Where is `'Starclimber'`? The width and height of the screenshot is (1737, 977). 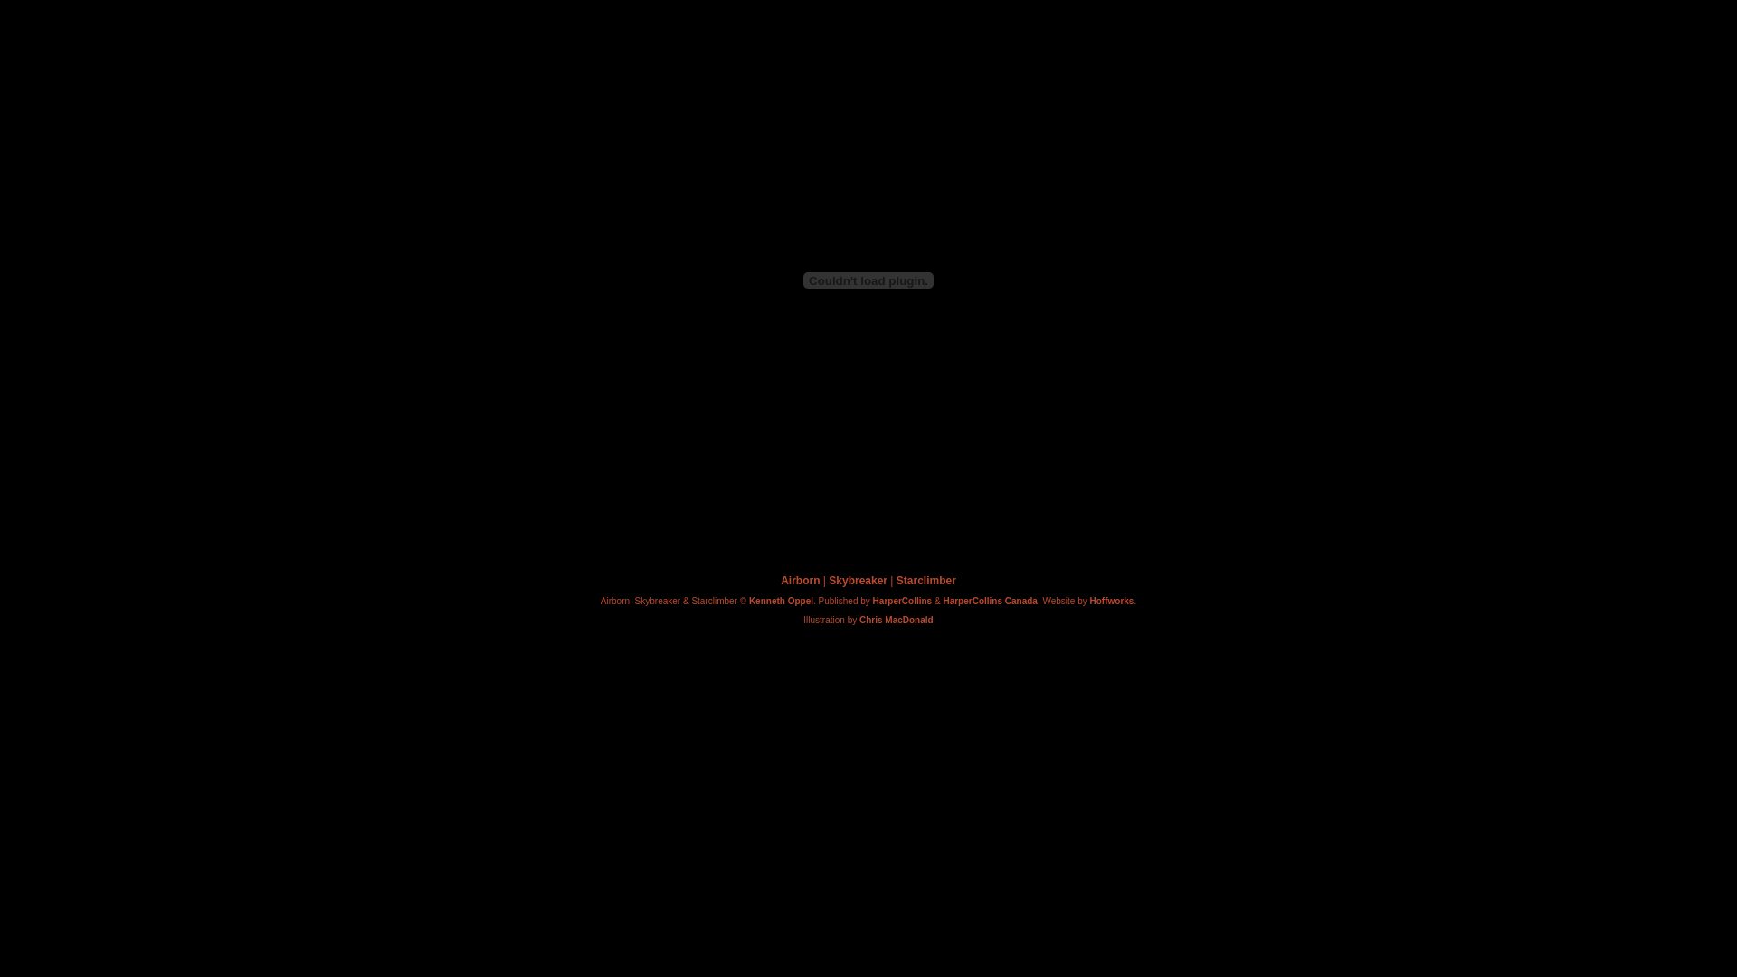 'Starclimber' is located at coordinates (925, 580).